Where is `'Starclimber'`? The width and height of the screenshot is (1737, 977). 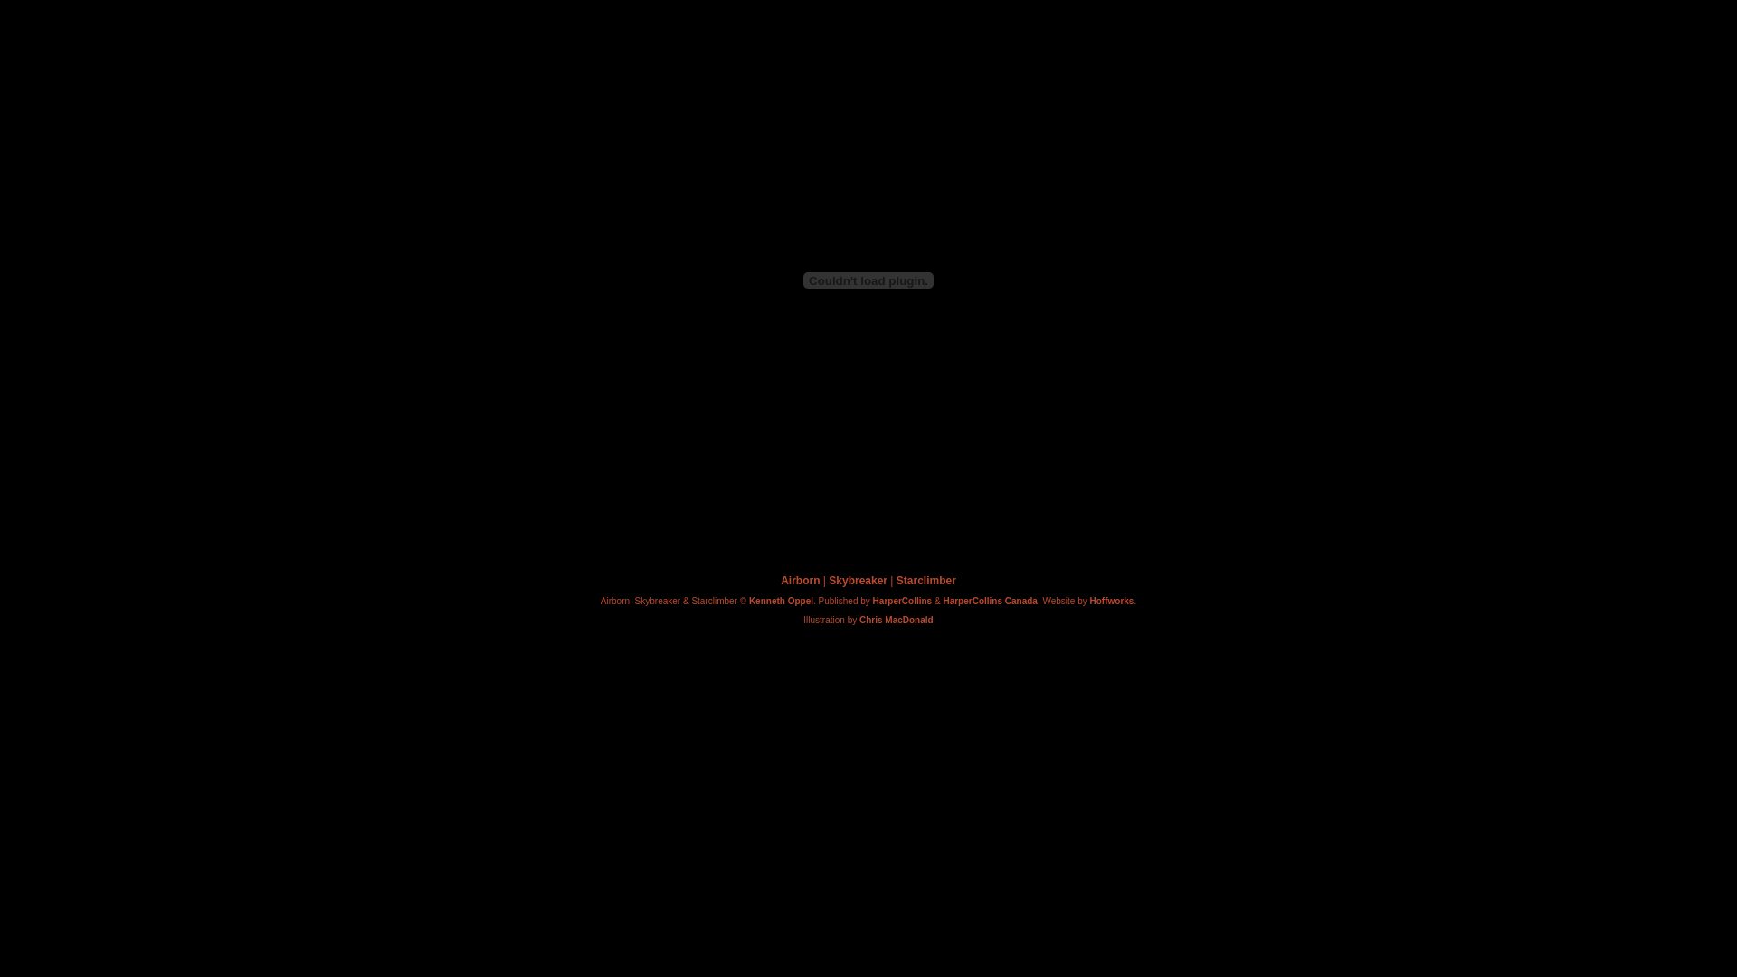 'Starclimber' is located at coordinates (925, 580).